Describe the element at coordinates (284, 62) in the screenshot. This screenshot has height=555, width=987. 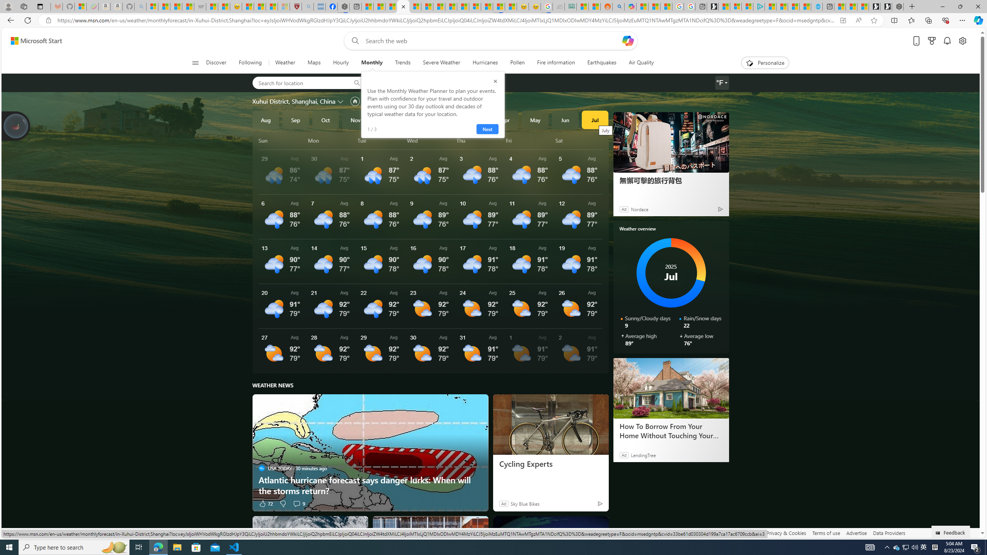
I see `'Weather'` at that location.